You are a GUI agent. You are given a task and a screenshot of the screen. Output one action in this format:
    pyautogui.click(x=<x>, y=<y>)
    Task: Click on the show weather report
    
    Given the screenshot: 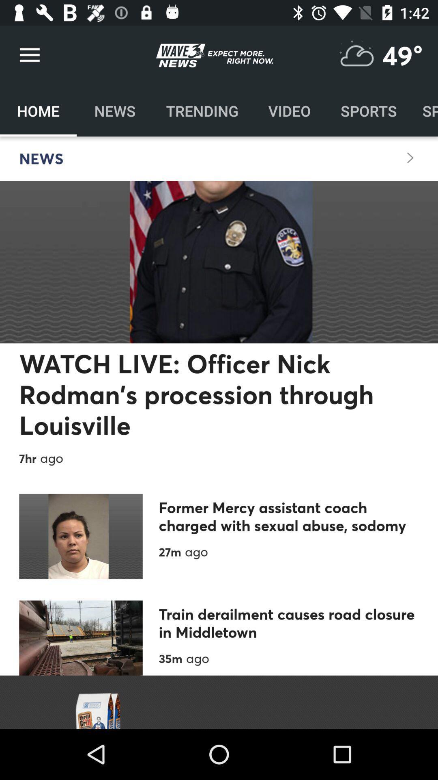 What is the action you would take?
    pyautogui.click(x=356, y=55)
    